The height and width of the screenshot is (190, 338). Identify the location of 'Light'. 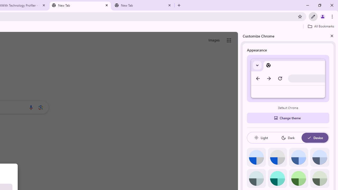
(261, 137).